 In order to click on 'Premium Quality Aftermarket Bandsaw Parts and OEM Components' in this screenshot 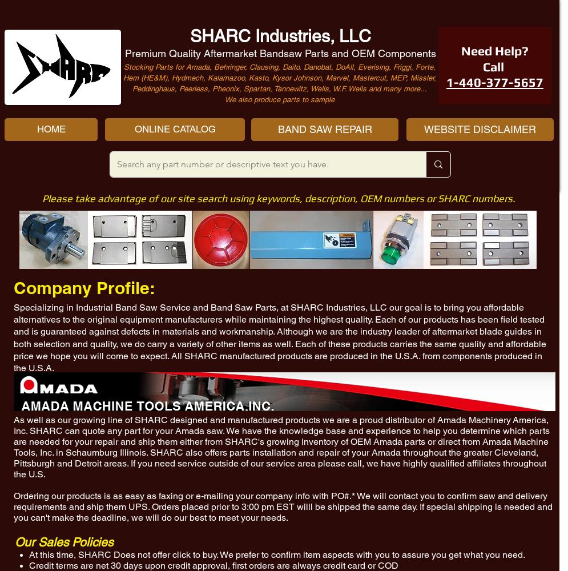, I will do `click(280, 53)`.